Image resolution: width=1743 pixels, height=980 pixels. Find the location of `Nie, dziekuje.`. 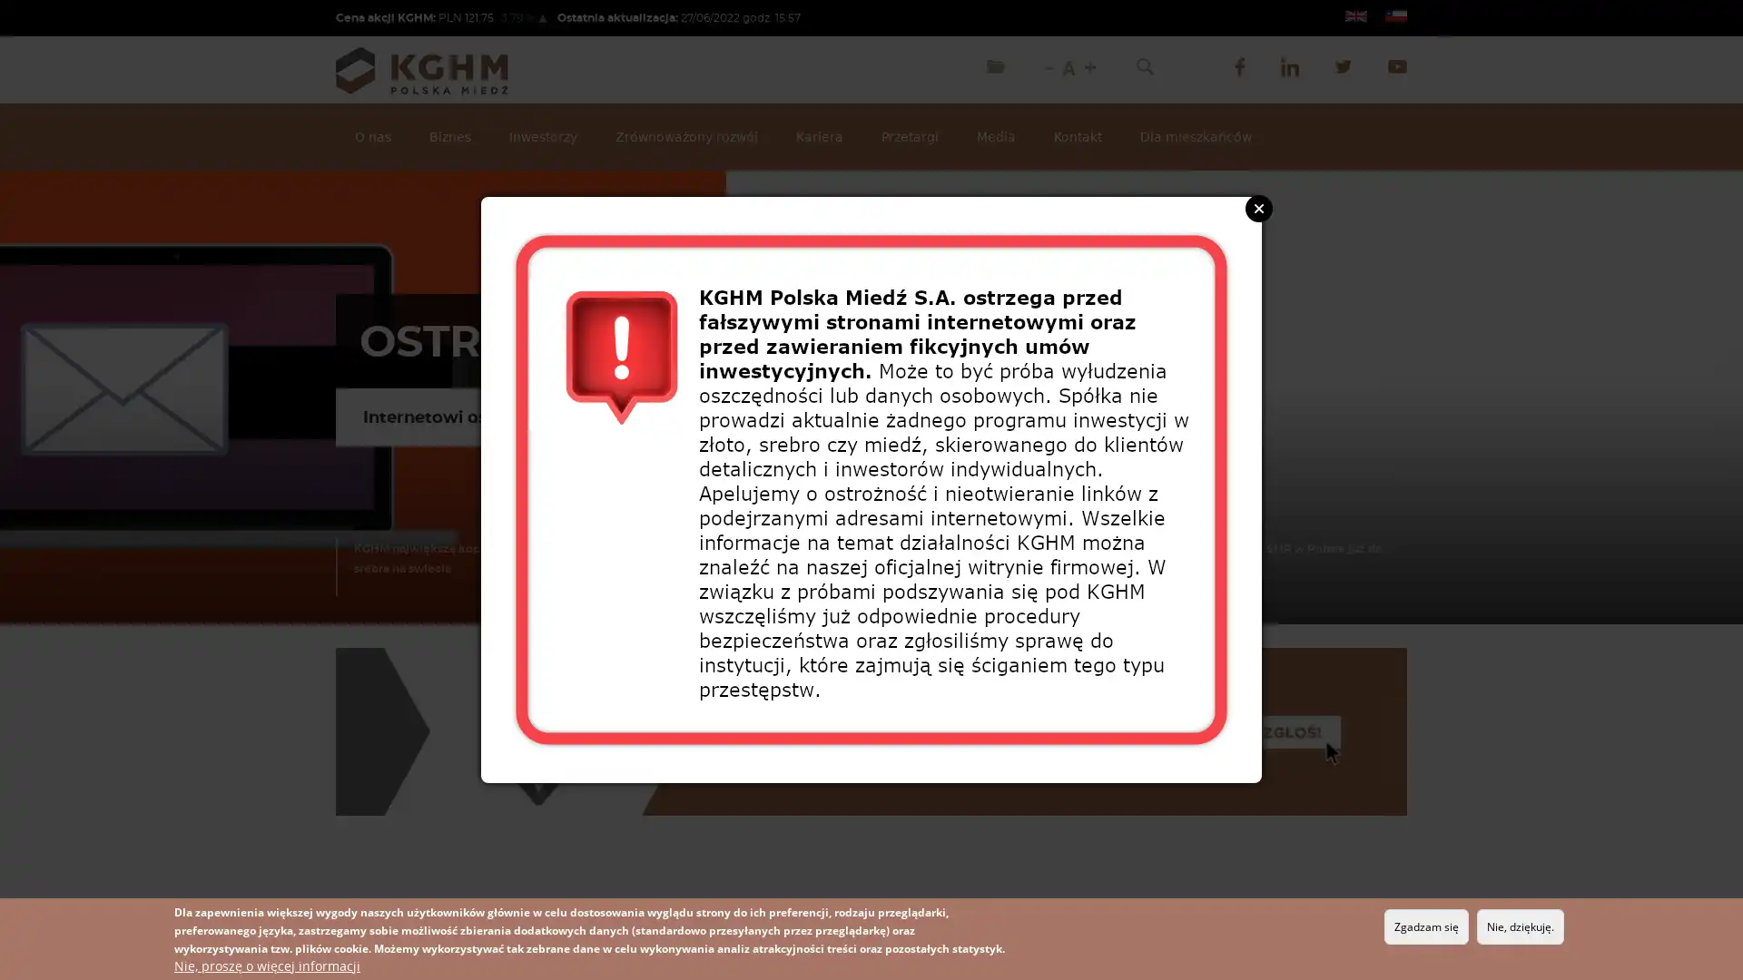

Nie, dziekuje. is located at coordinates (1521, 926).